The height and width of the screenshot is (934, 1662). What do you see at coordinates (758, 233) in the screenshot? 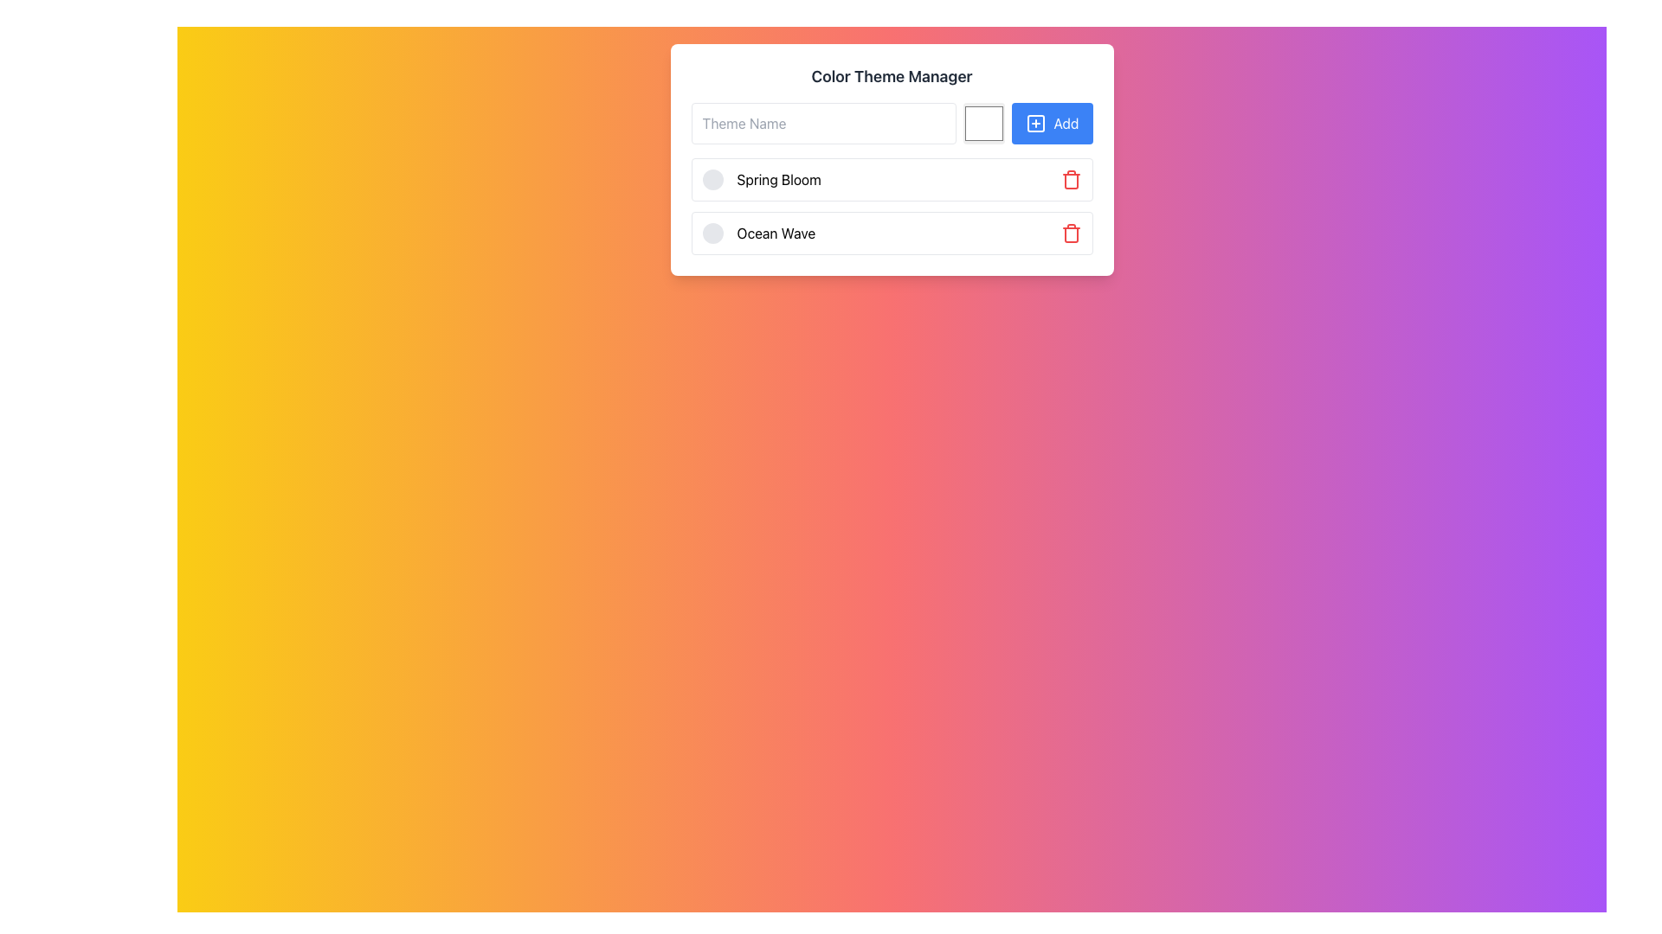
I see `the selectable list item labeled 'Ocean Wave' which is the second entry in the Color Theme Manager, located below 'Spring Bloom'` at bounding box center [758, 233].